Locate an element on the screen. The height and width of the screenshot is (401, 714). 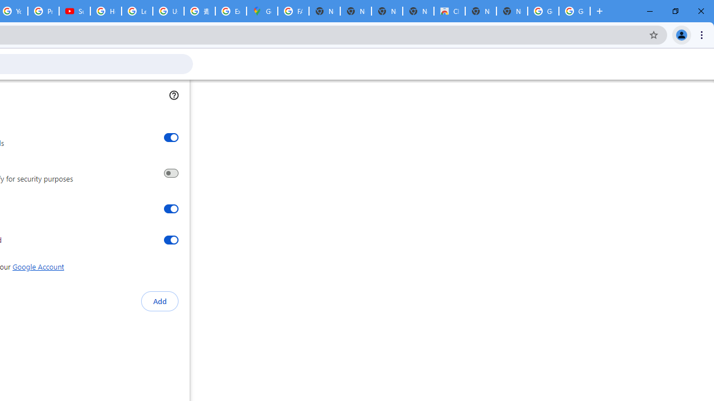
'Explore new street-level details - Google Maps Help' is located at coordinates (230, 11).